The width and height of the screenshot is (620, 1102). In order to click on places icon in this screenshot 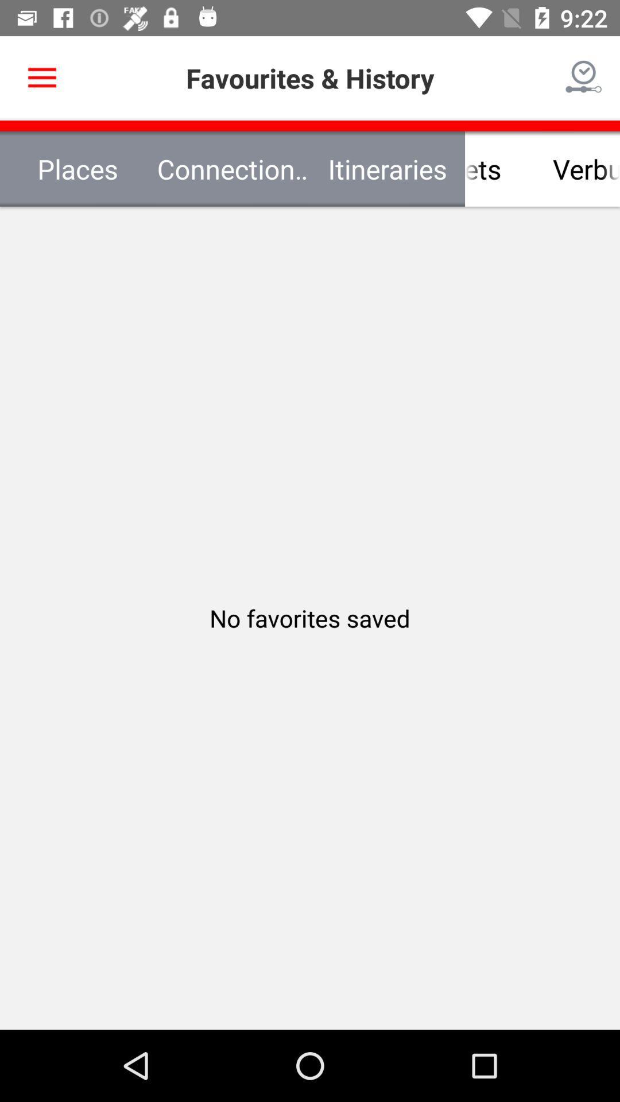, I will do `click(77, 168)`.